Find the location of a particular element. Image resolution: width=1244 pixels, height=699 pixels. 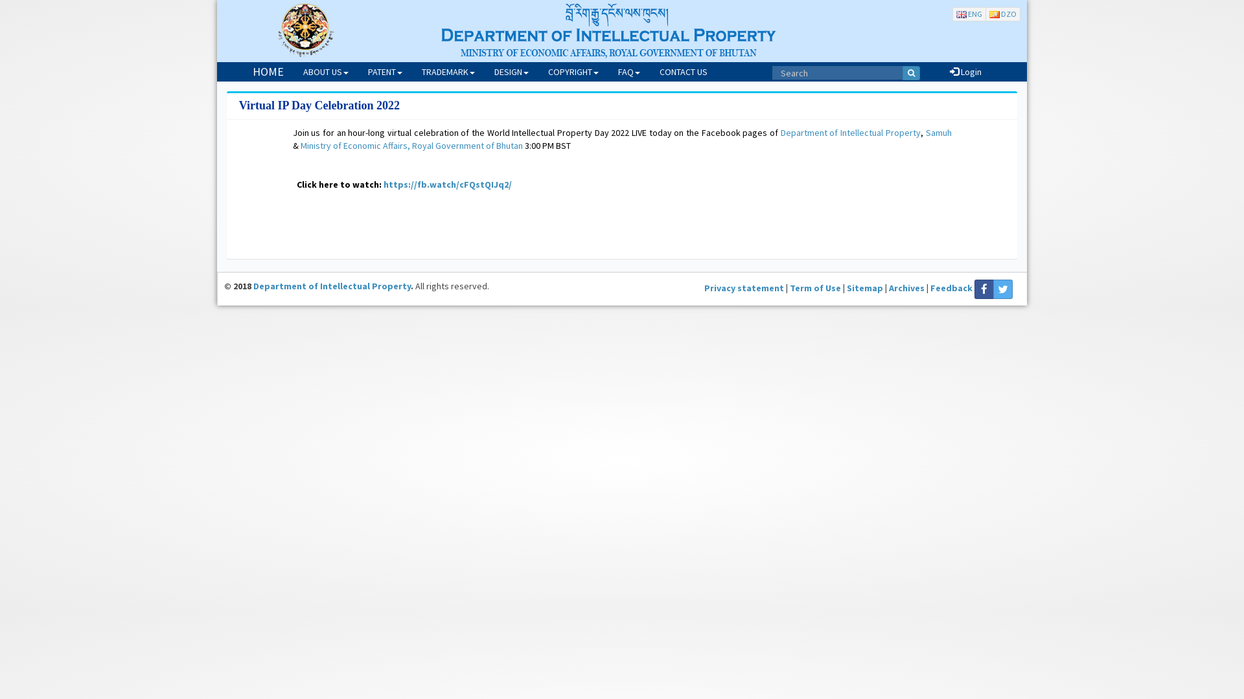

'DZO' is located at coordinates (1002, 14).